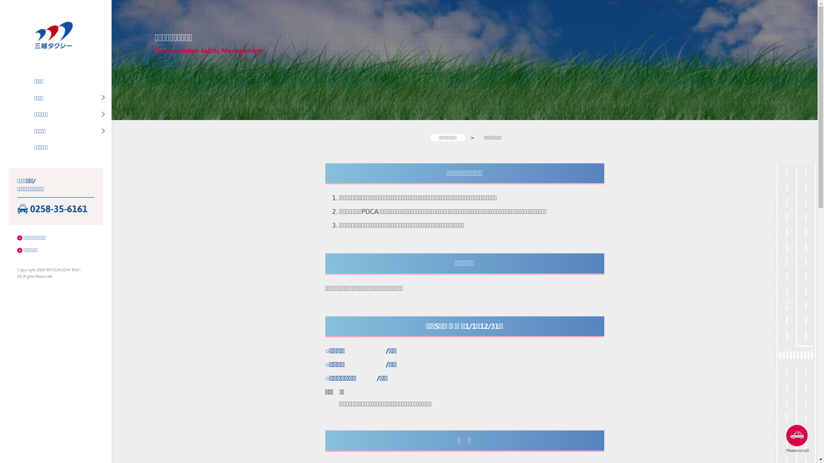  What do you see at coordinates (17, 209) in the screenshot?
I see `'0258-35-6161'` at bounding box center [17, 209].